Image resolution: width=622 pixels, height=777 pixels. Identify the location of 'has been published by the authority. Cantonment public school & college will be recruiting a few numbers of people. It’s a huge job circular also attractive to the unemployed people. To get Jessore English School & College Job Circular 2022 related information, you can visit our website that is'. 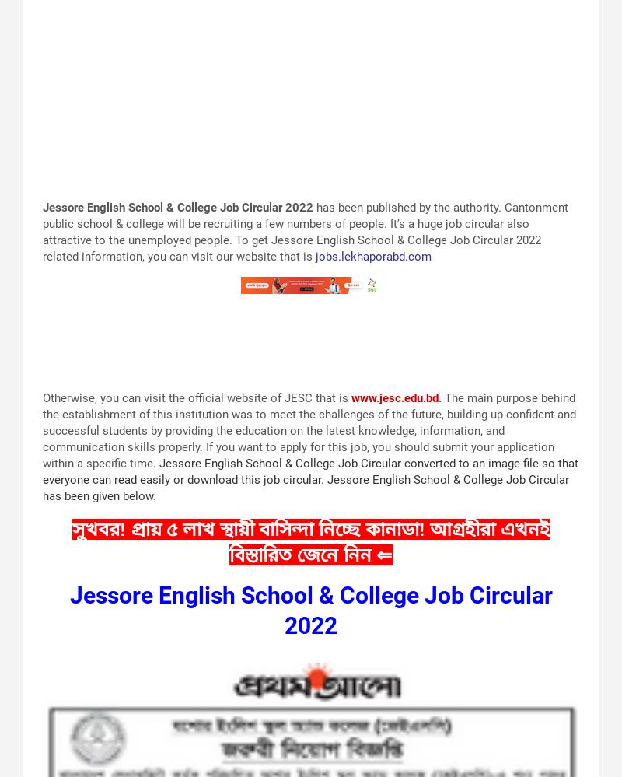
(42, 230).